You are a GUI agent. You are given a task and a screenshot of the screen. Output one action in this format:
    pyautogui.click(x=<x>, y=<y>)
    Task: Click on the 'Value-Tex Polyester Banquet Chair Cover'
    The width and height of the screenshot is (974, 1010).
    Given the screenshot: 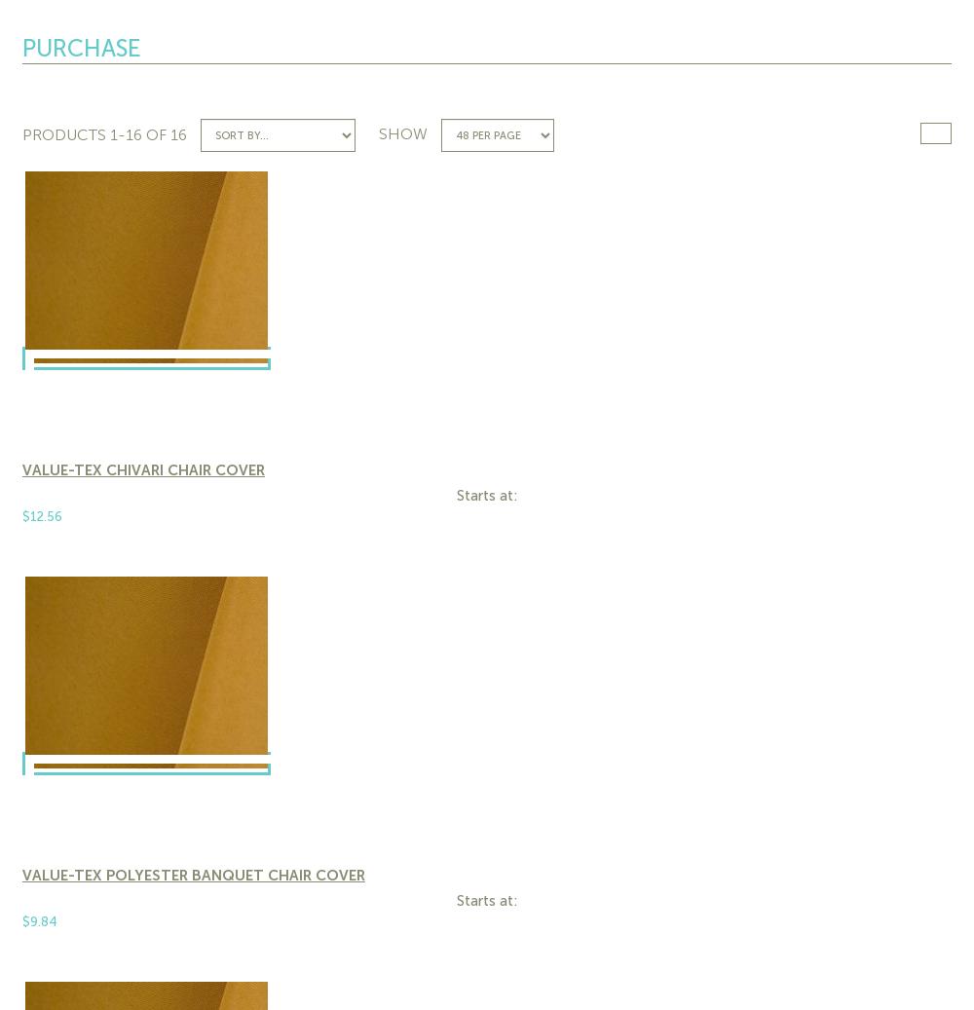 What is the action you would take?
    pyautogui.click(x=22, y=875)
    